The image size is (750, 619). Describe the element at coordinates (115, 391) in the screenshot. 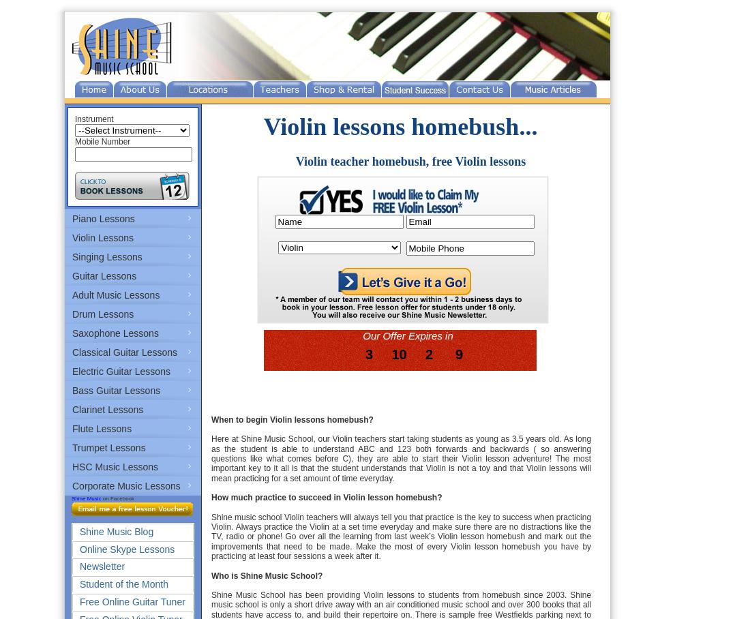

I see `'Bass Guitar Lessons'` at that location.